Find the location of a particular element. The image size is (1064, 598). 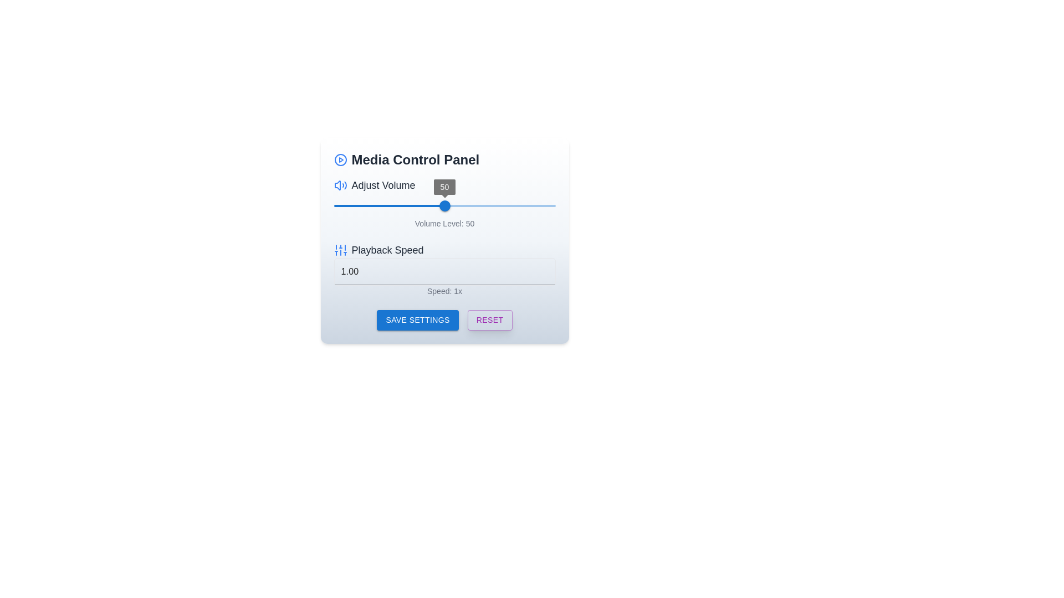

volume is located at coordinates (497, 205).